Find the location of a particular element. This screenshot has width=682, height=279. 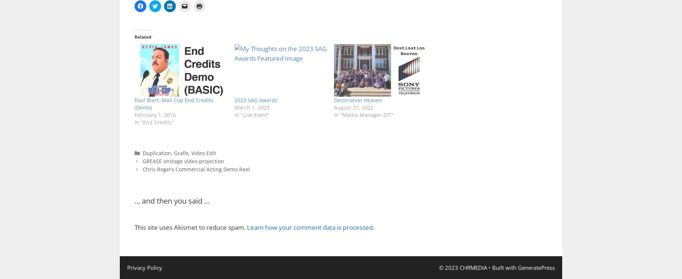

'... and then you said ...' is located at coordinates (172, 200).